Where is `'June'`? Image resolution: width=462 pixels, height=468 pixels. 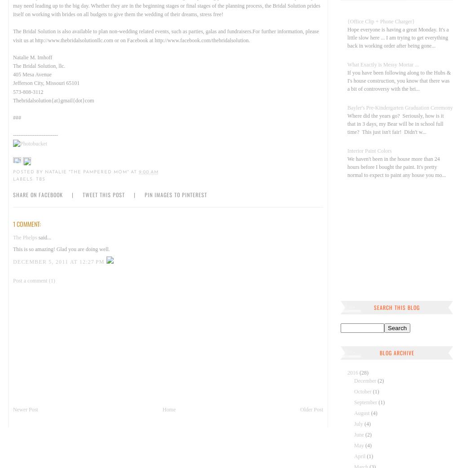
'June' is located at coordinates (360, 435).